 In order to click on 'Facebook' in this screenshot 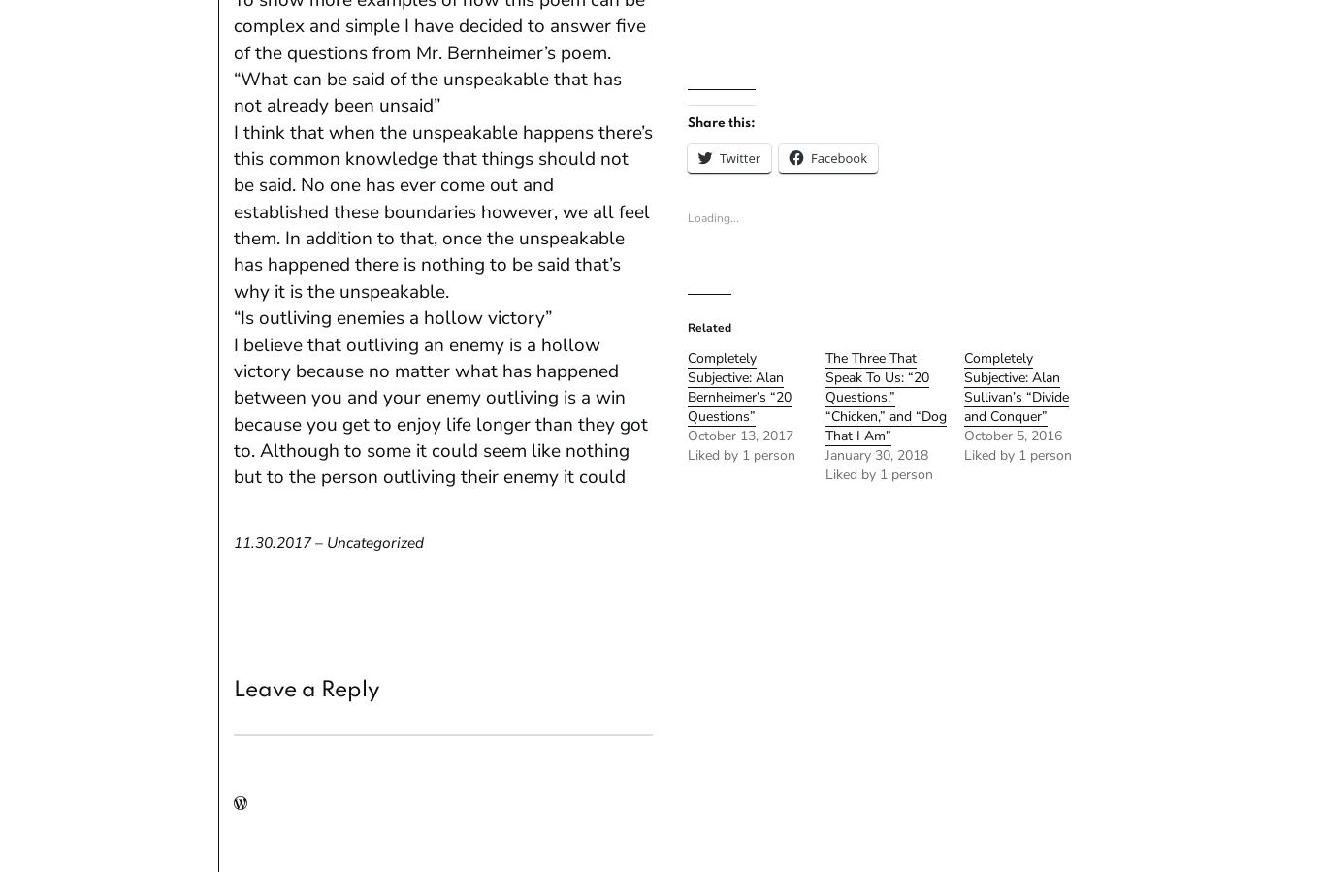, I will do `click(837, 156)`.